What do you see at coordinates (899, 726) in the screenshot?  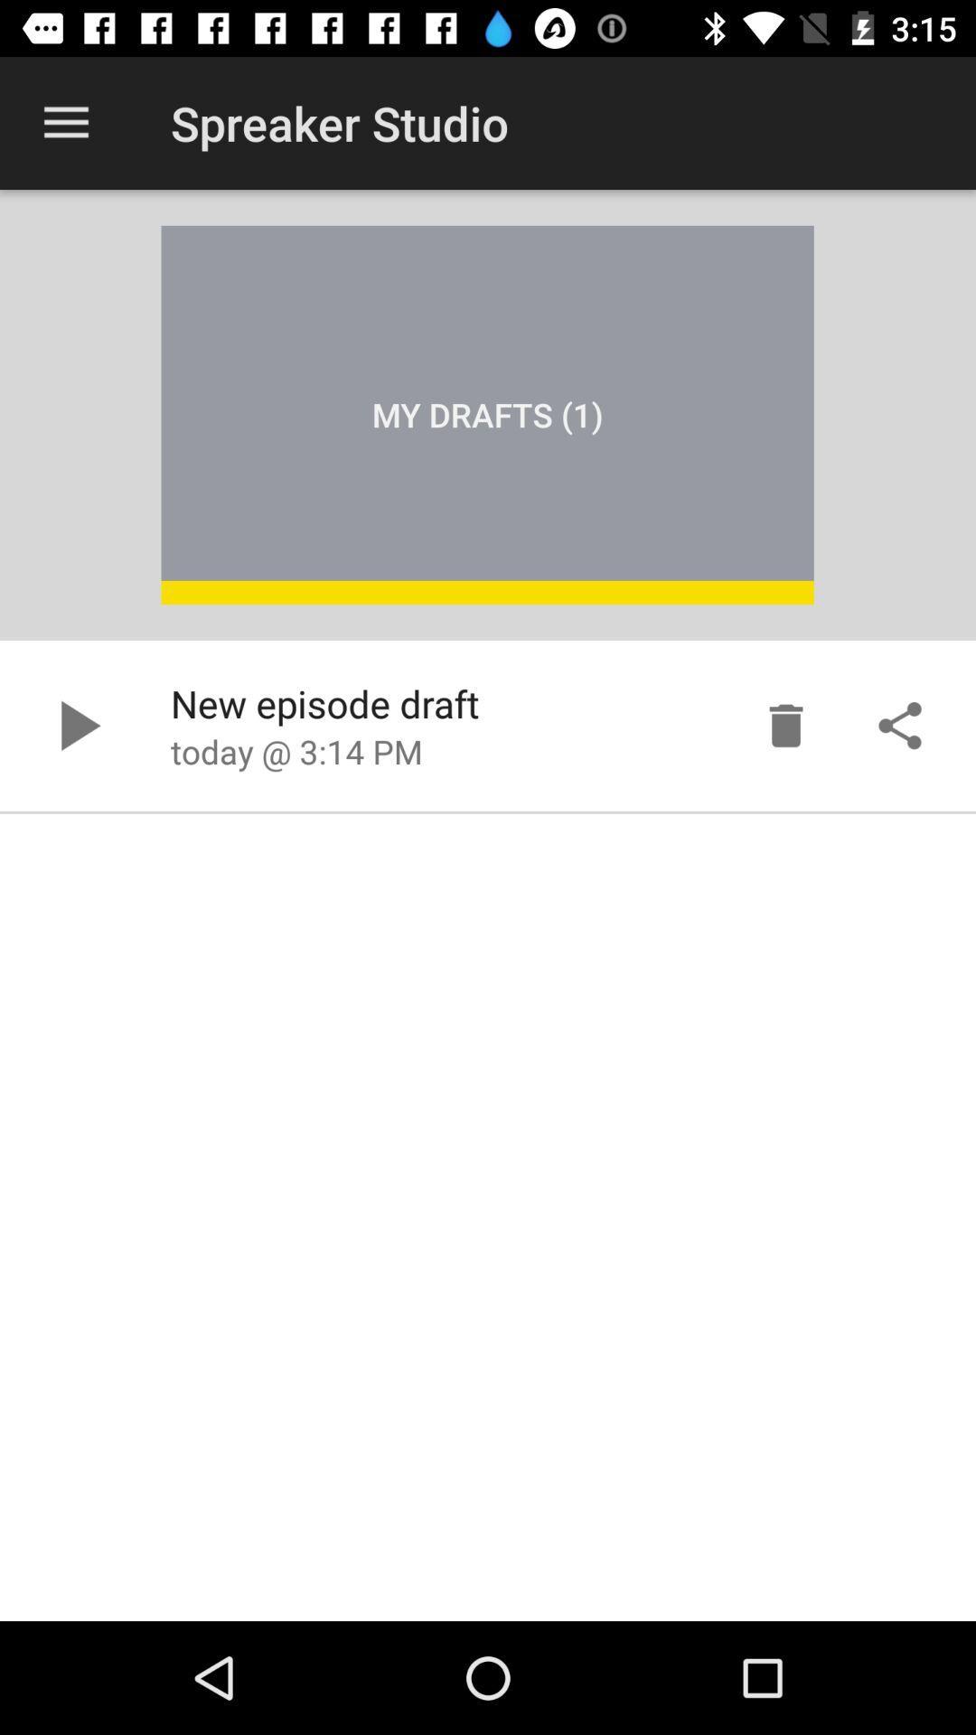 I see `share draft` at bounding box center [899, 726].